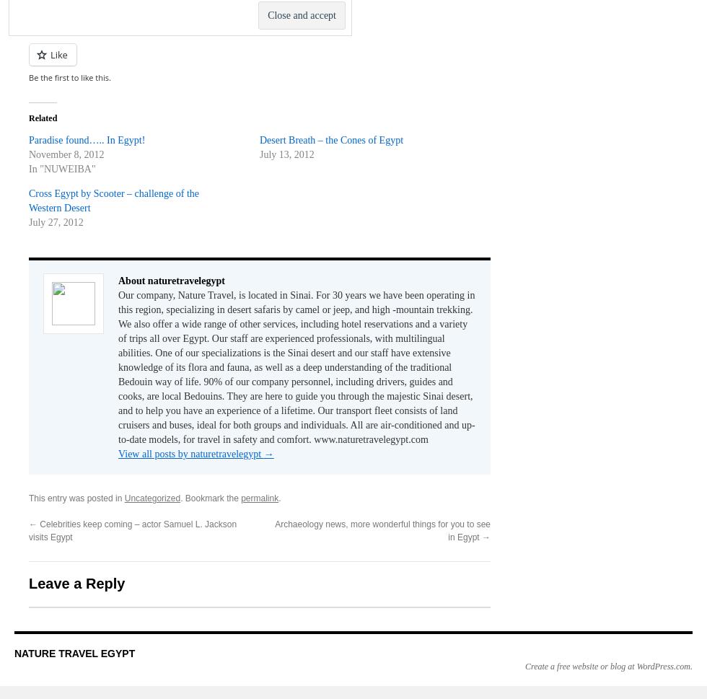 The height and width of the screenshot is (699, 707). What do you see at coordinates (279, 497) in the screenshot?
I see `'.'` at bounding box center [279, 497].